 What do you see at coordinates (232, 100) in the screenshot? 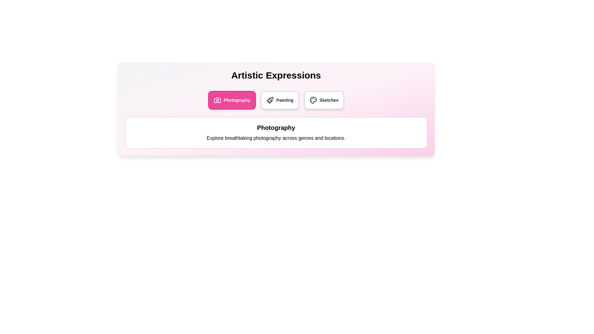
I see `the Photography tab to view its content` at bounding box center [232, 100].